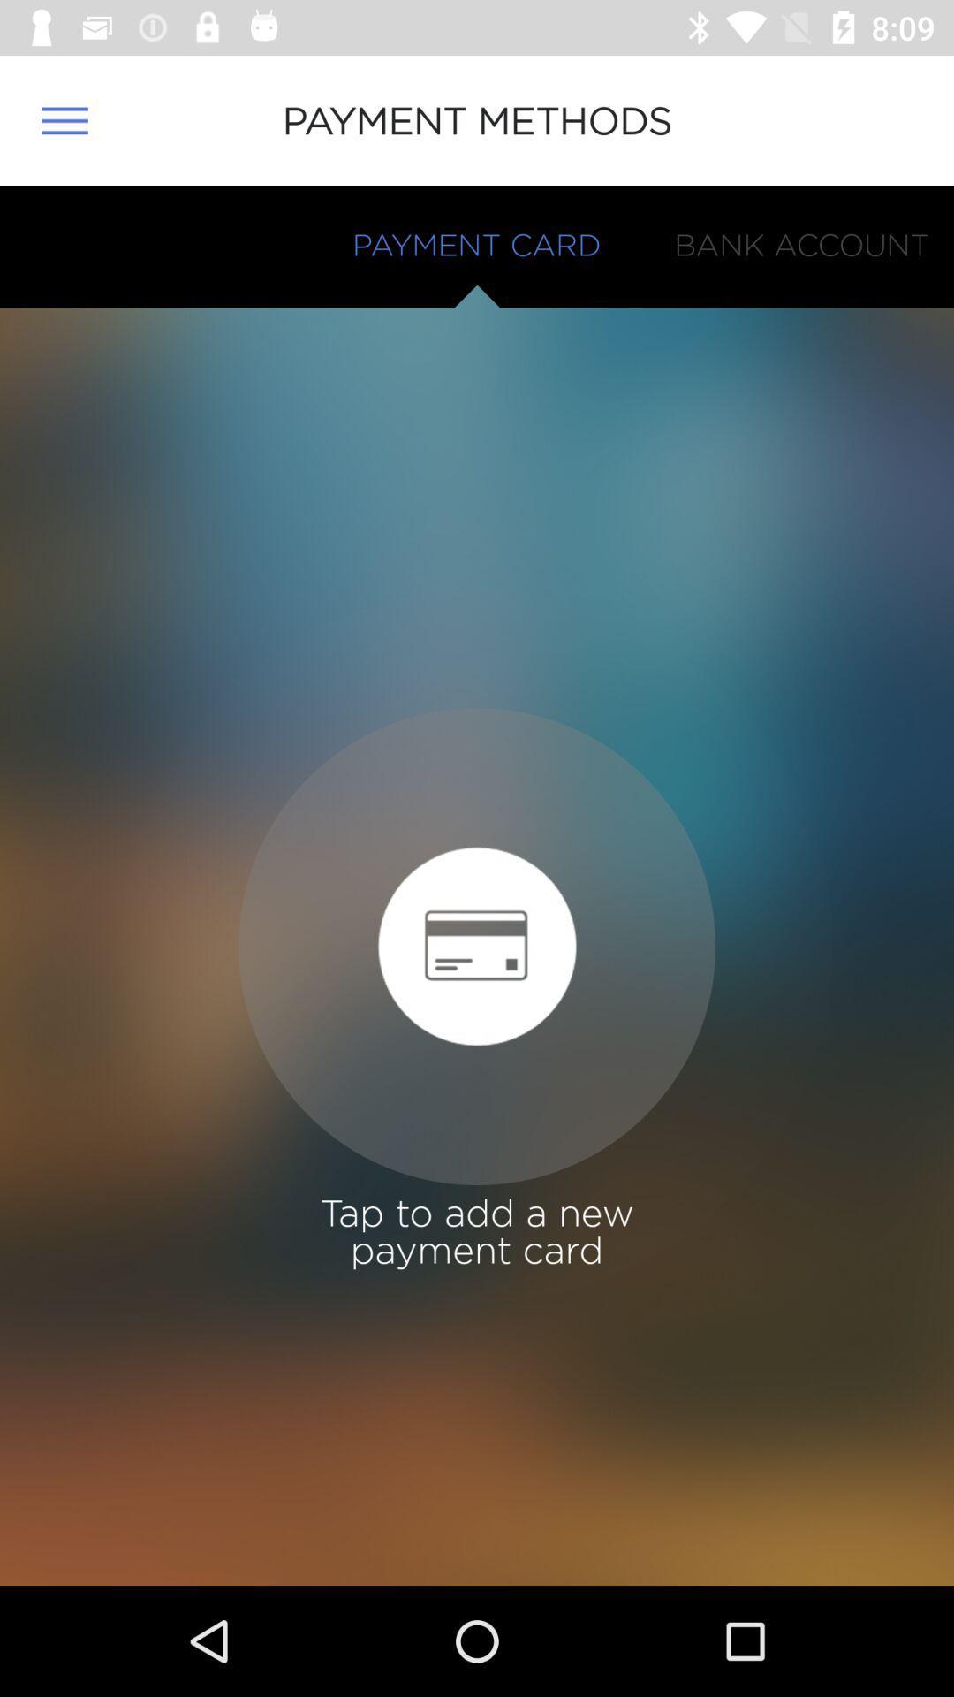 The image size is (954, 1697). I want to click on the item to the left of payment methods, so click(64, 119).